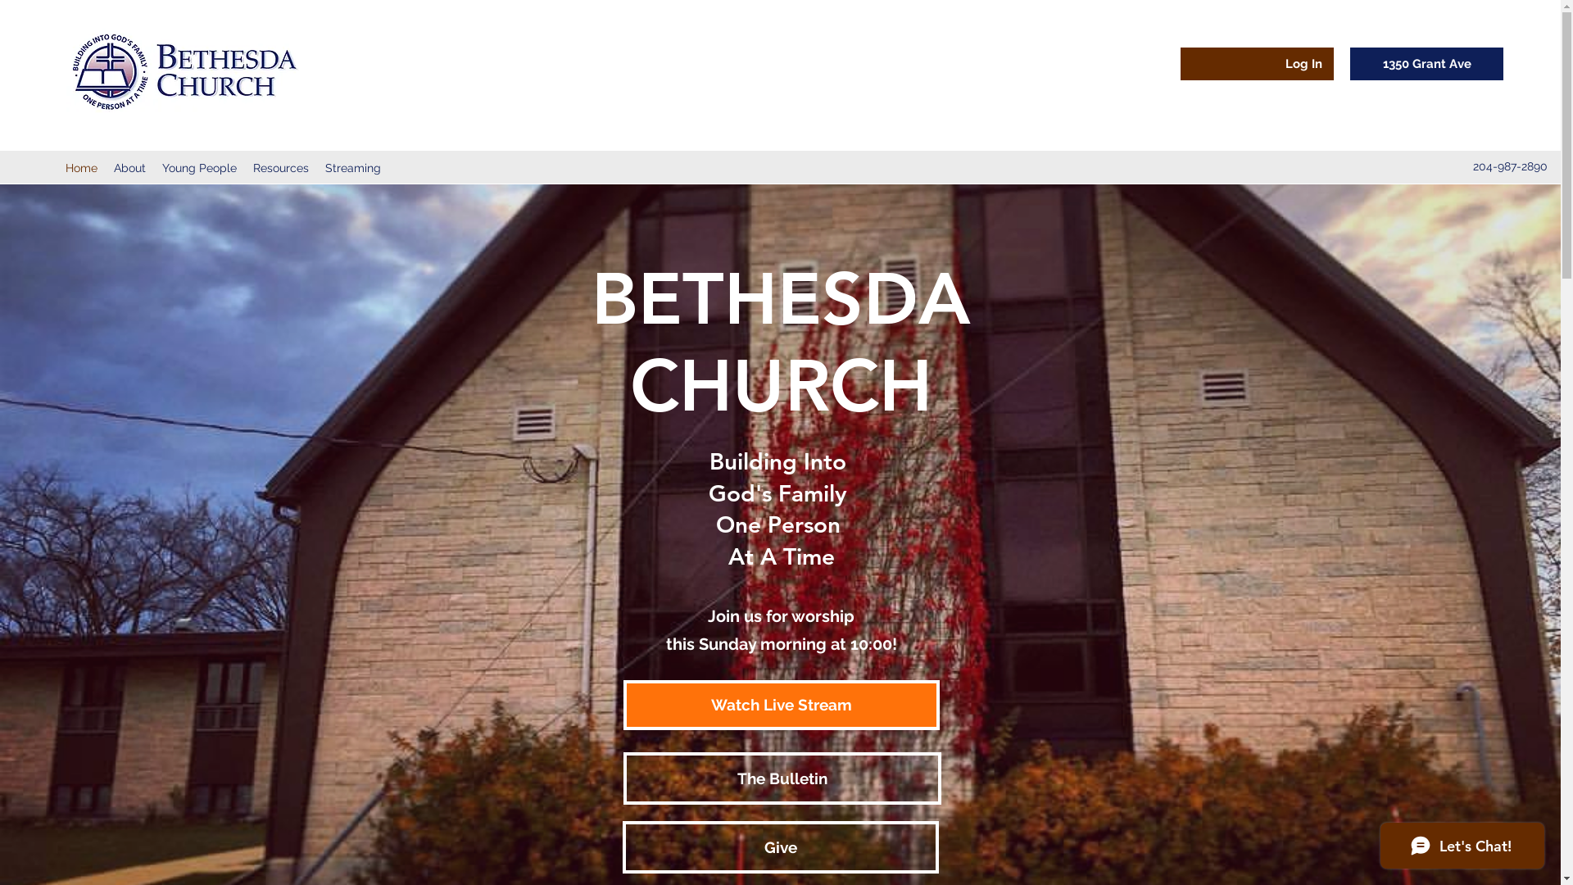 Image resolution: width=1573 pixels, height=885 pixels. Describe the element at coordinates (1426, 62) in the screenshot. I see `'1350 Grant Ave'` at that location.